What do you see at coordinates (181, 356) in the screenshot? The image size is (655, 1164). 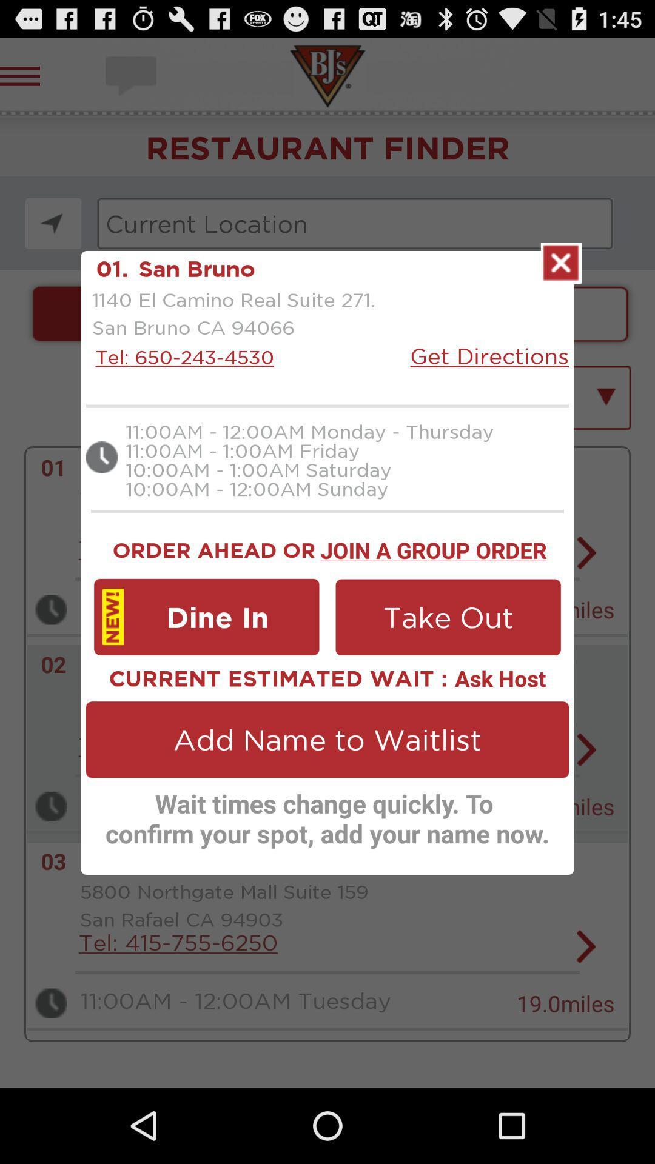 I see `app below the 1140 el camino` at bounding box center [181, 356].